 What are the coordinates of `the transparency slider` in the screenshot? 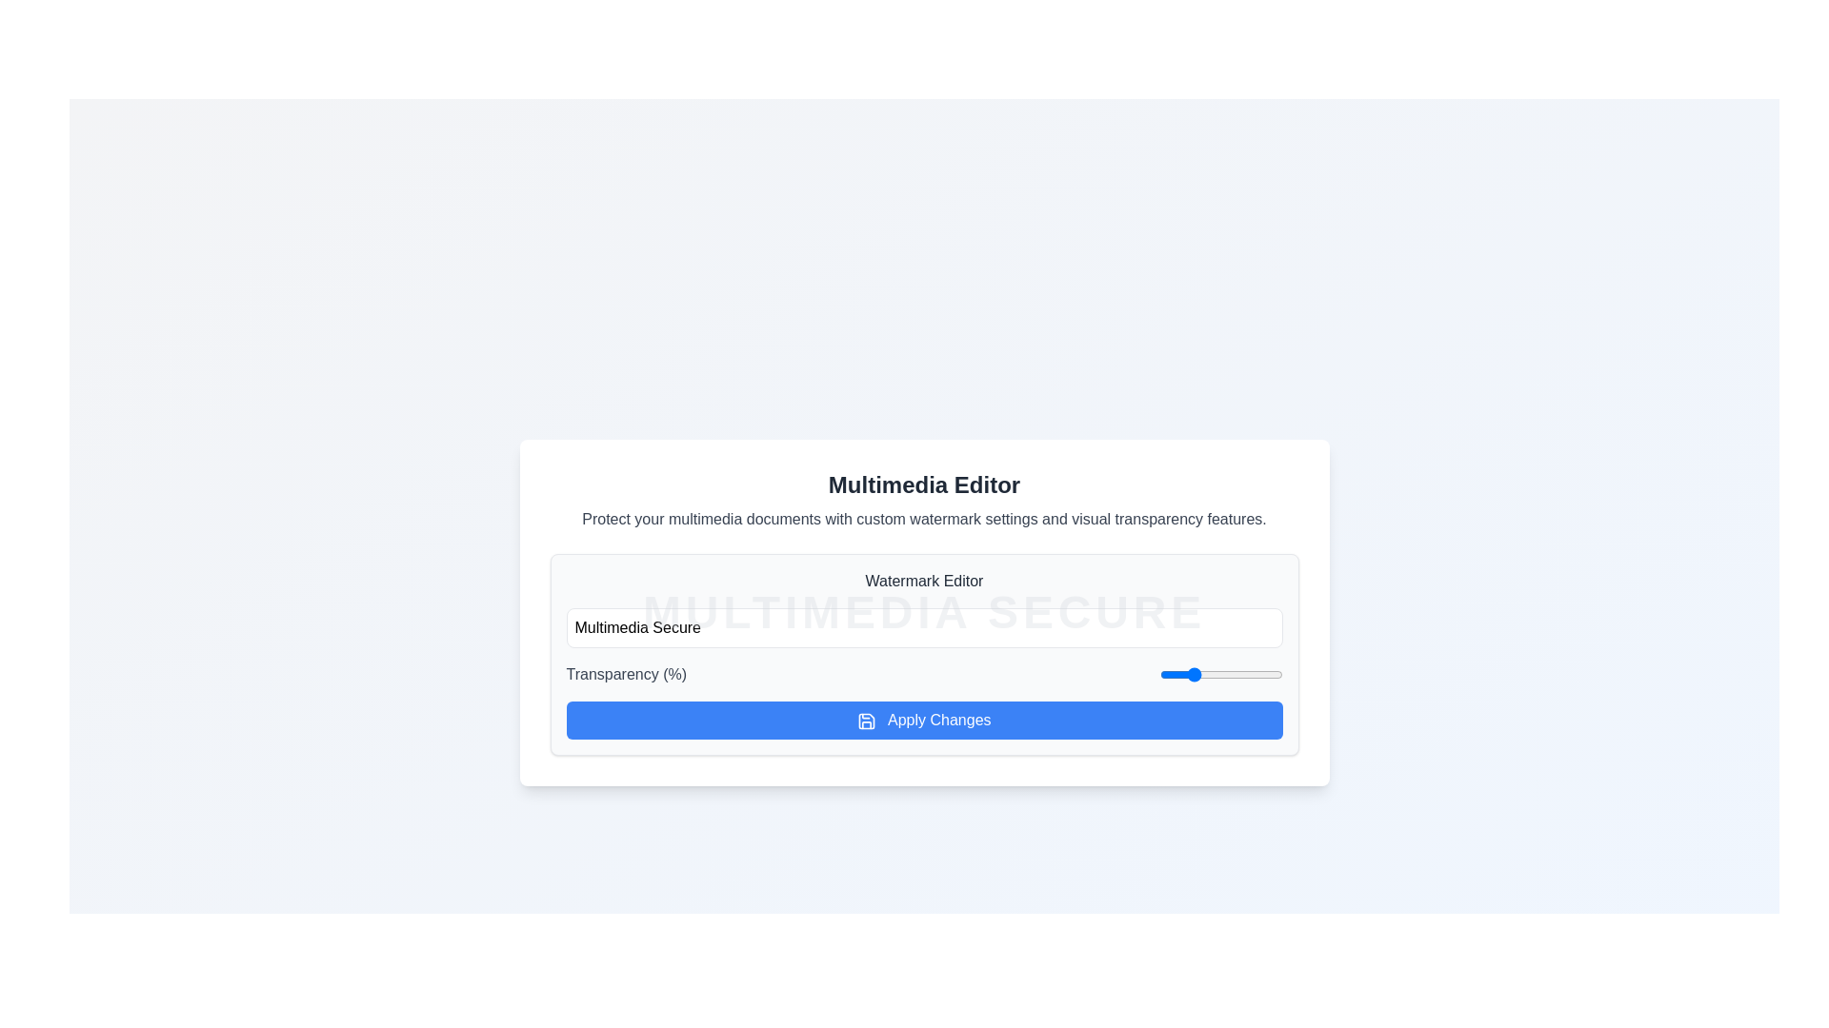 It's located at (1161, 674).